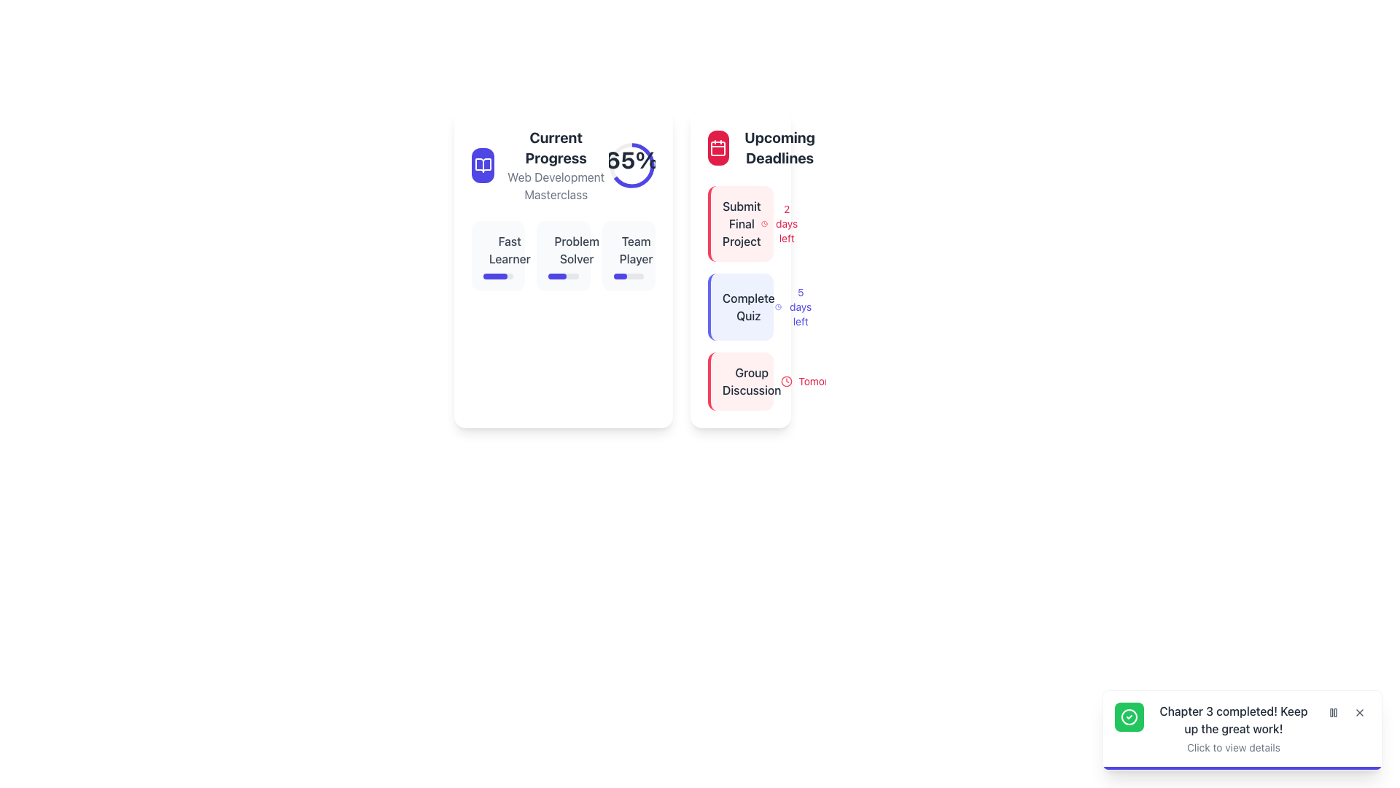 The image size is (1400, 788). What do you see at coordinates (636, 250) in the screenshot?
I see `the static text label that reads 'Player' within the 'Current Progress' section, which is the third component in a row of three elements` at bounding box center [636, 250].